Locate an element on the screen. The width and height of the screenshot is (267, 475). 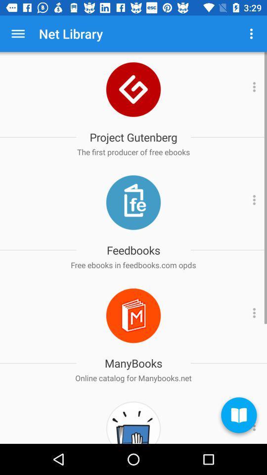
the the first producer is located at coordinates (133, 152).